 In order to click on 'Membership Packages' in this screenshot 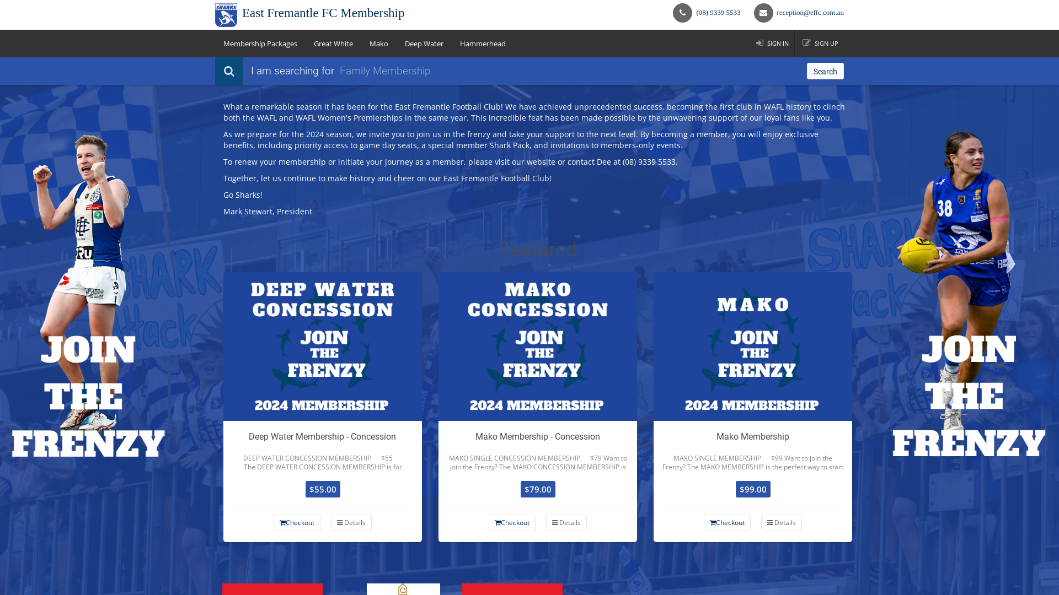, I will do `click(259, 42)`.